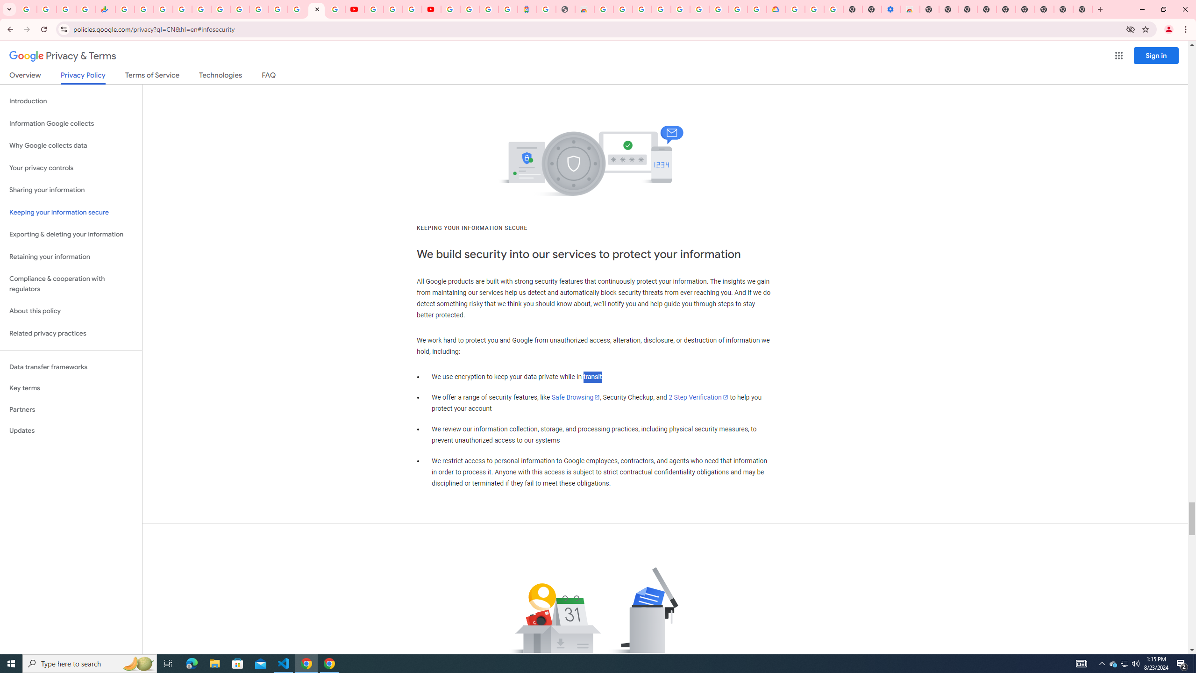  I want to click on 'Ad Settings', so click(661, 9).